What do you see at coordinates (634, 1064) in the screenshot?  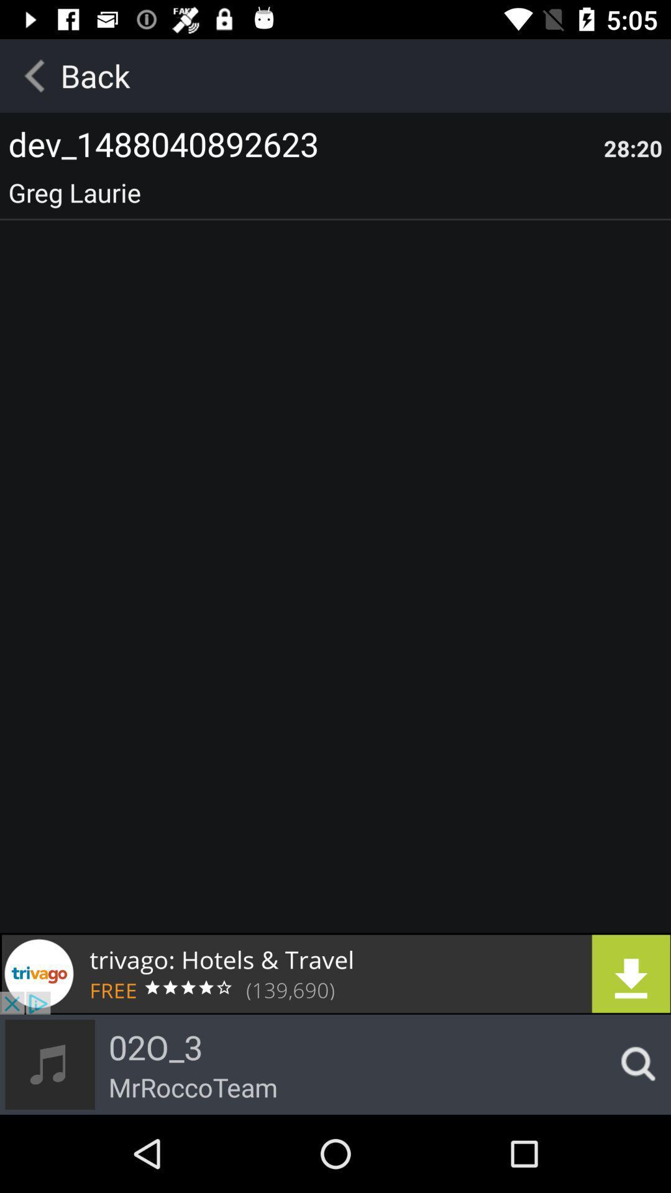 I see `search` at bounding box center [634, 1064].